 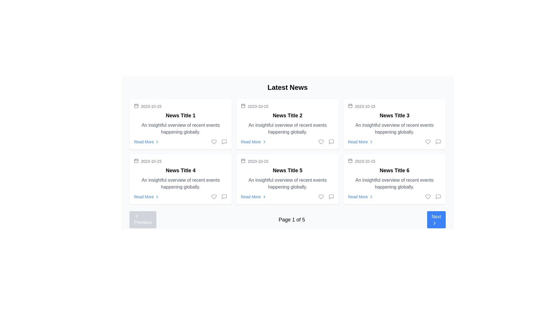 What do you see at coordinates (251, 196) in the screenshot?
I see `the hyperlinked text labeled 'News Title 5' located at the bottom of the fifth card` at bounding box center [251, 196].